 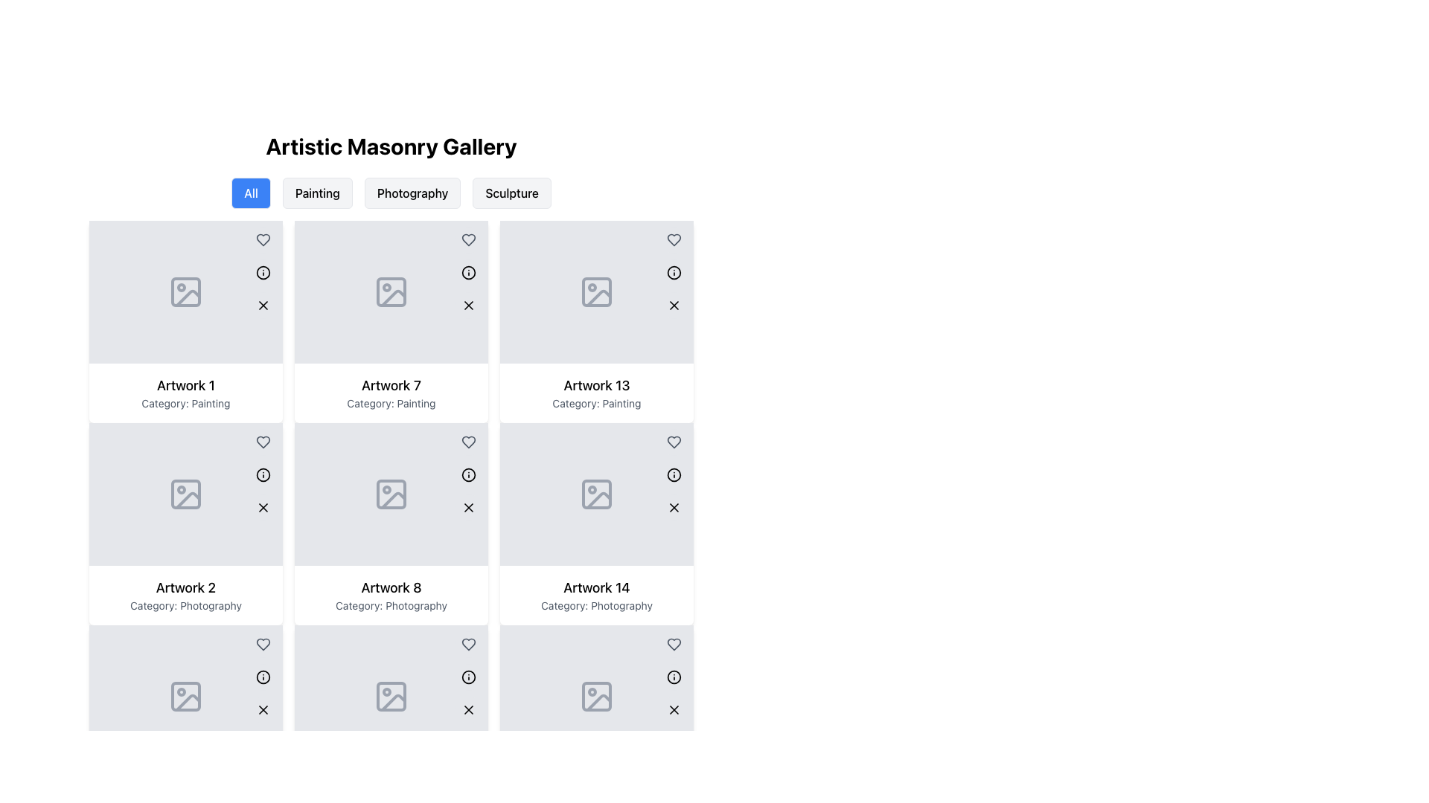 What do you see at coordinates (467, 506) in the screenshot?
I see `the close button located at the top-right corner of the 'Artwork 8' card in the grid layout` at bounding box center [467, 506].